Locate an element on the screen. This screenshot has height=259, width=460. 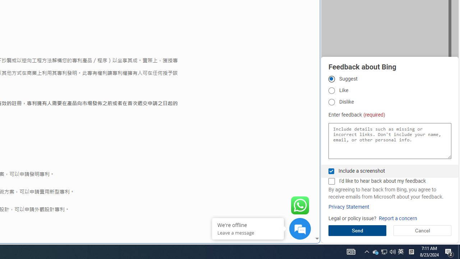
'Report a concern' is located at coordinates (397, 218).